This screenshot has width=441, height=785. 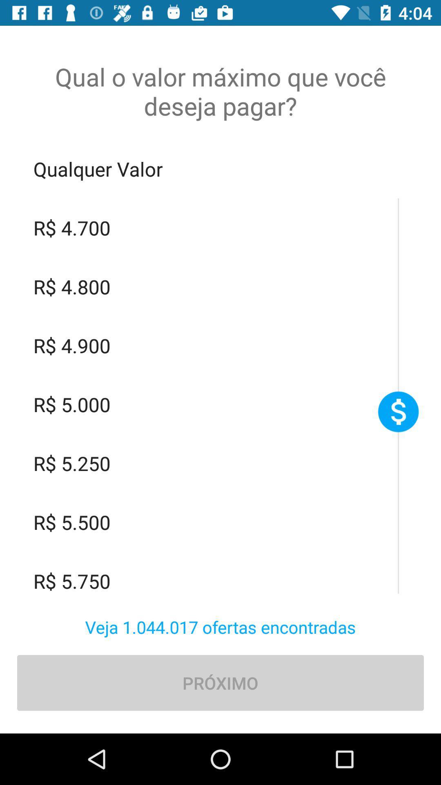 I want to click on item above r$ 4.700, so click(x=220, y=168).